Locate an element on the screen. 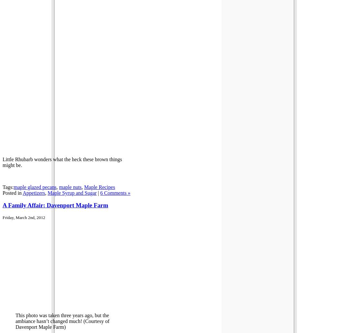  'Maple Syrup and Sugar' is located at coordinates (72, 192).